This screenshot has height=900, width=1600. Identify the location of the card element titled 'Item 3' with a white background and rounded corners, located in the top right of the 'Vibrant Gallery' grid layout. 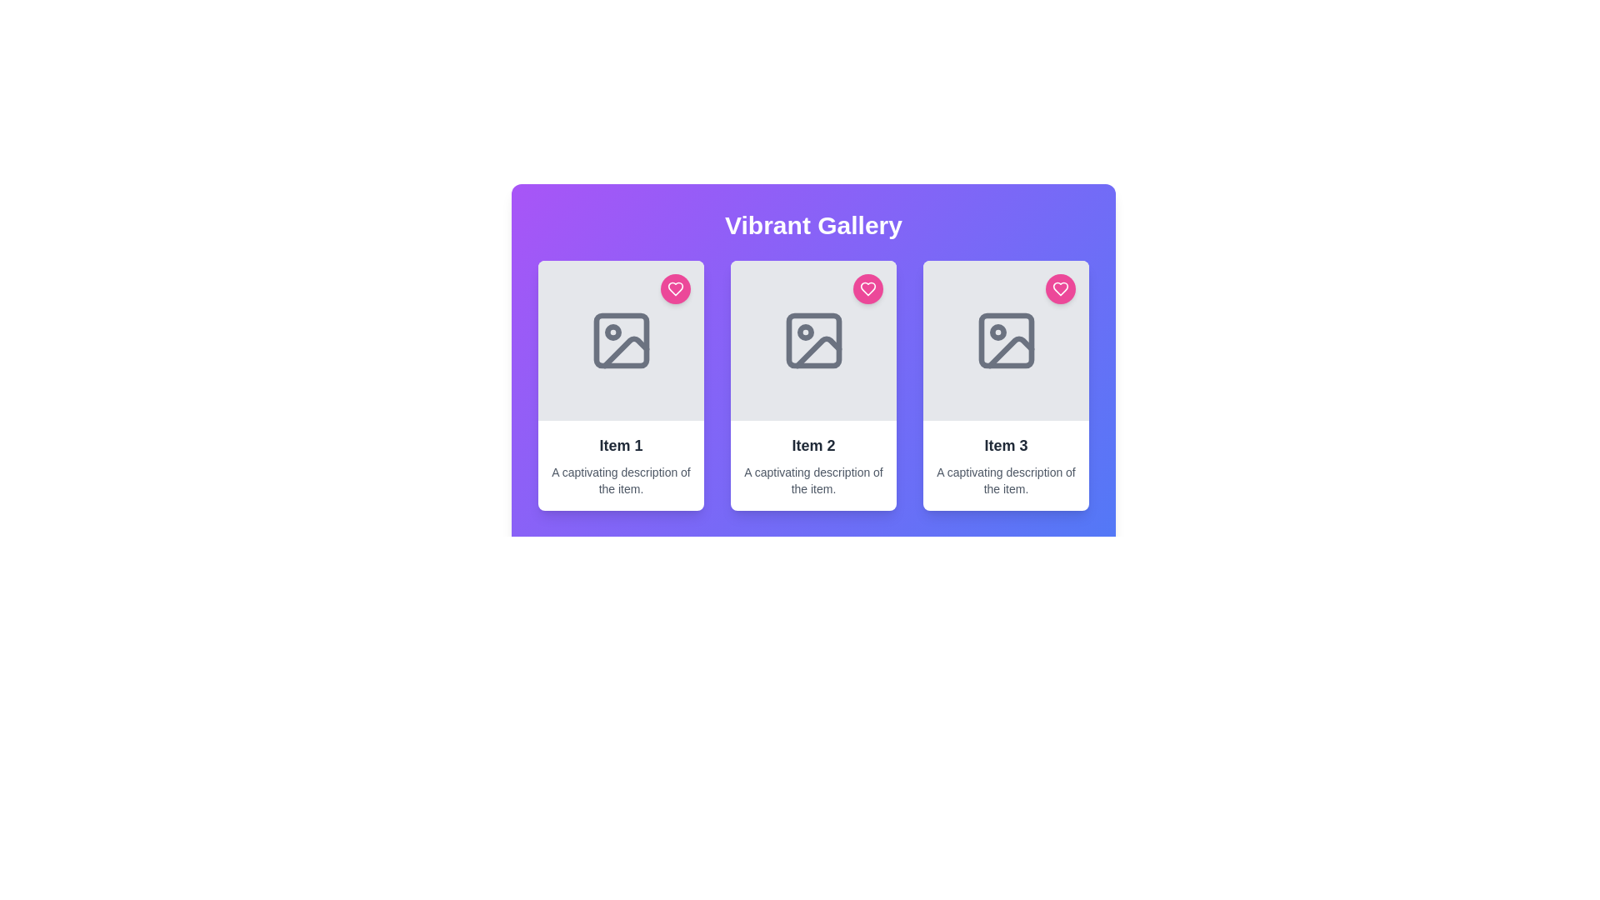
(1005, 385).